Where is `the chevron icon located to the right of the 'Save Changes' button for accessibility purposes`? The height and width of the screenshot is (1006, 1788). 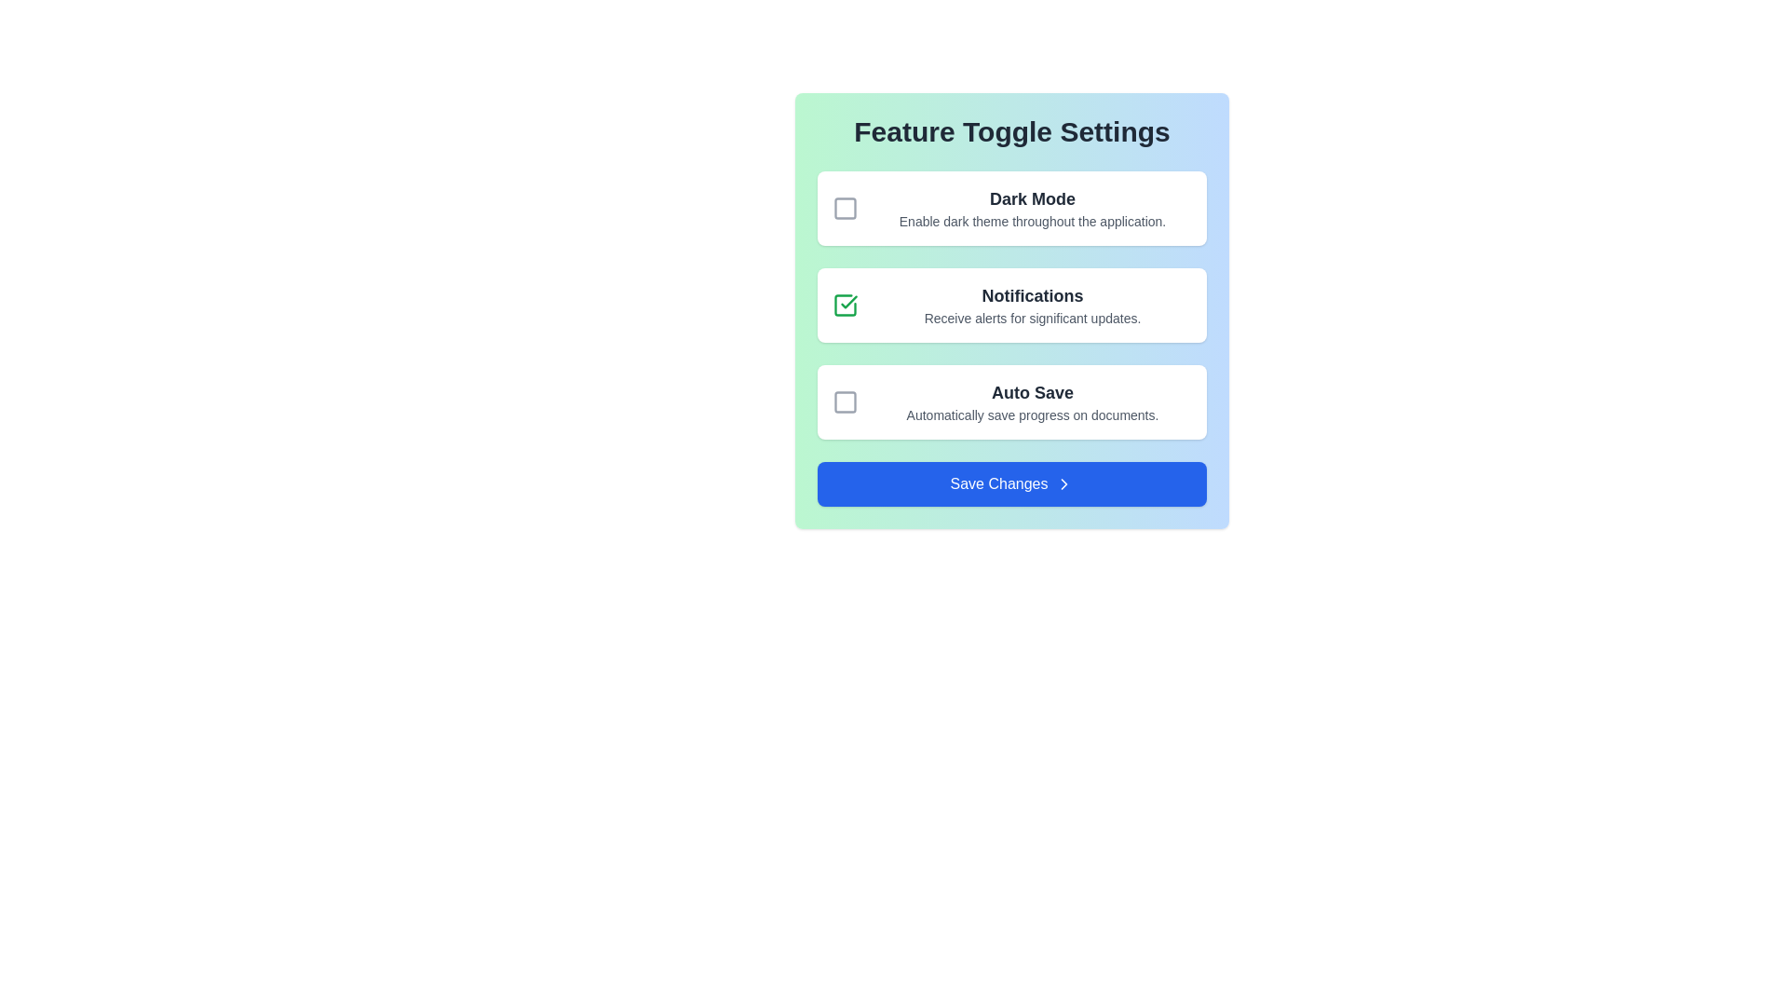 the chevron icon located to the right of the 'Save Changes' button for accessibility purposes is located at coordinates (1064, 483).